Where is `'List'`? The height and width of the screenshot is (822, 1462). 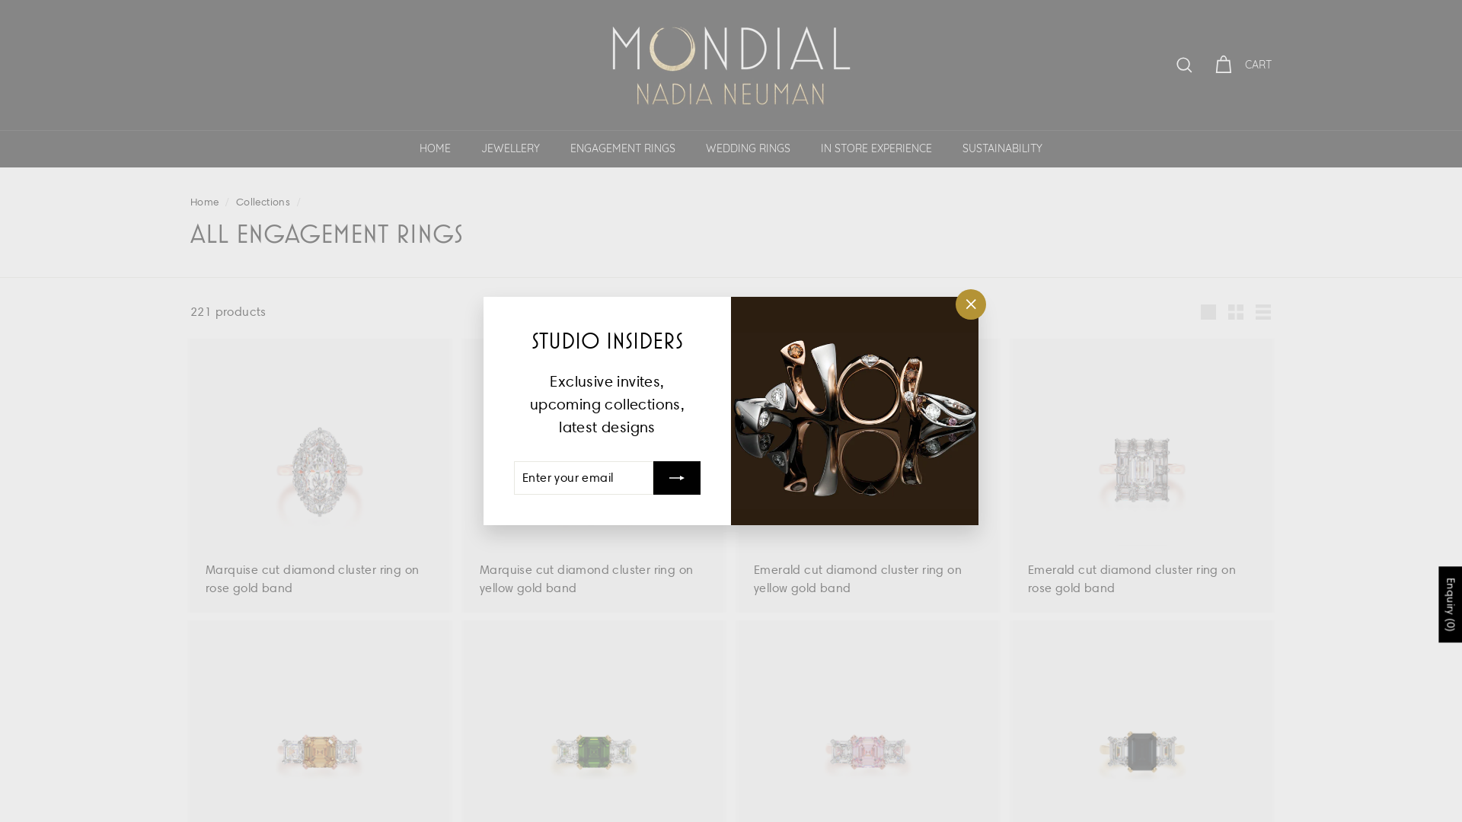 'List' is located at coordinates (1250, 311).